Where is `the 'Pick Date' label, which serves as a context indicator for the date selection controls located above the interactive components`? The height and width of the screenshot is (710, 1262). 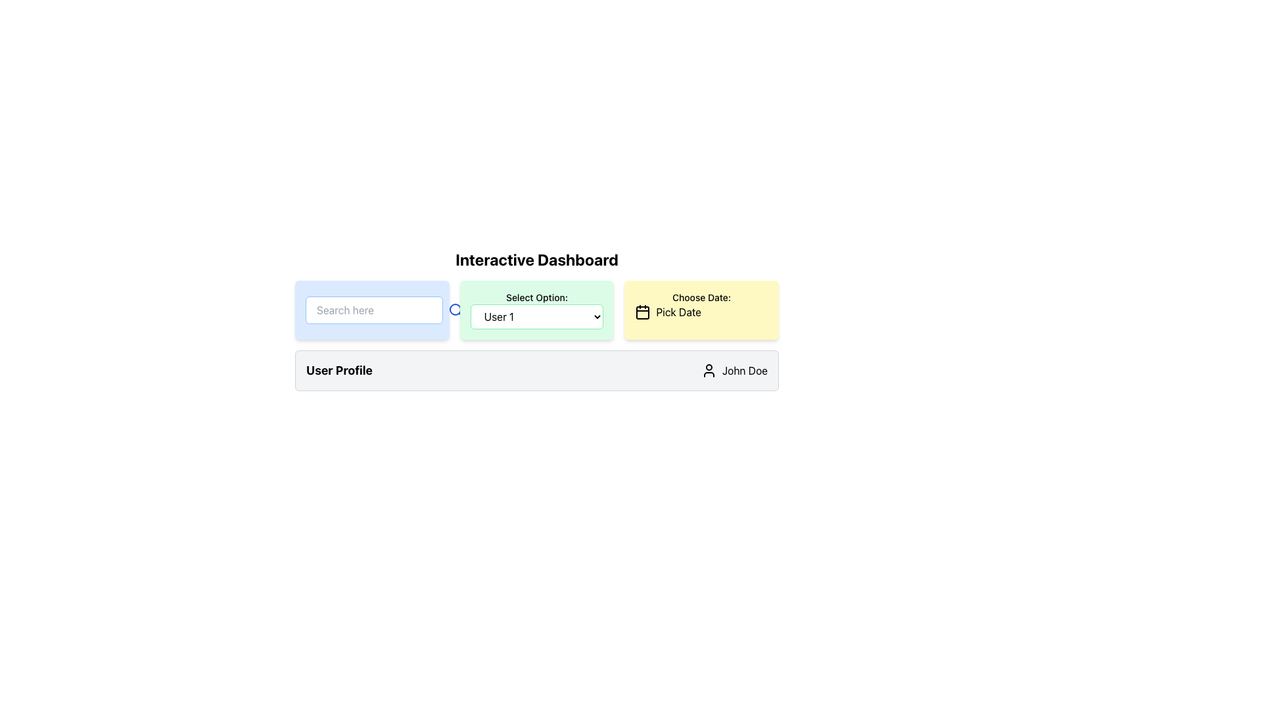
the 'Pick Date' label, which serves as a context indicator for the date selection controls located above the interactive components is located at coordinates (701, 297).